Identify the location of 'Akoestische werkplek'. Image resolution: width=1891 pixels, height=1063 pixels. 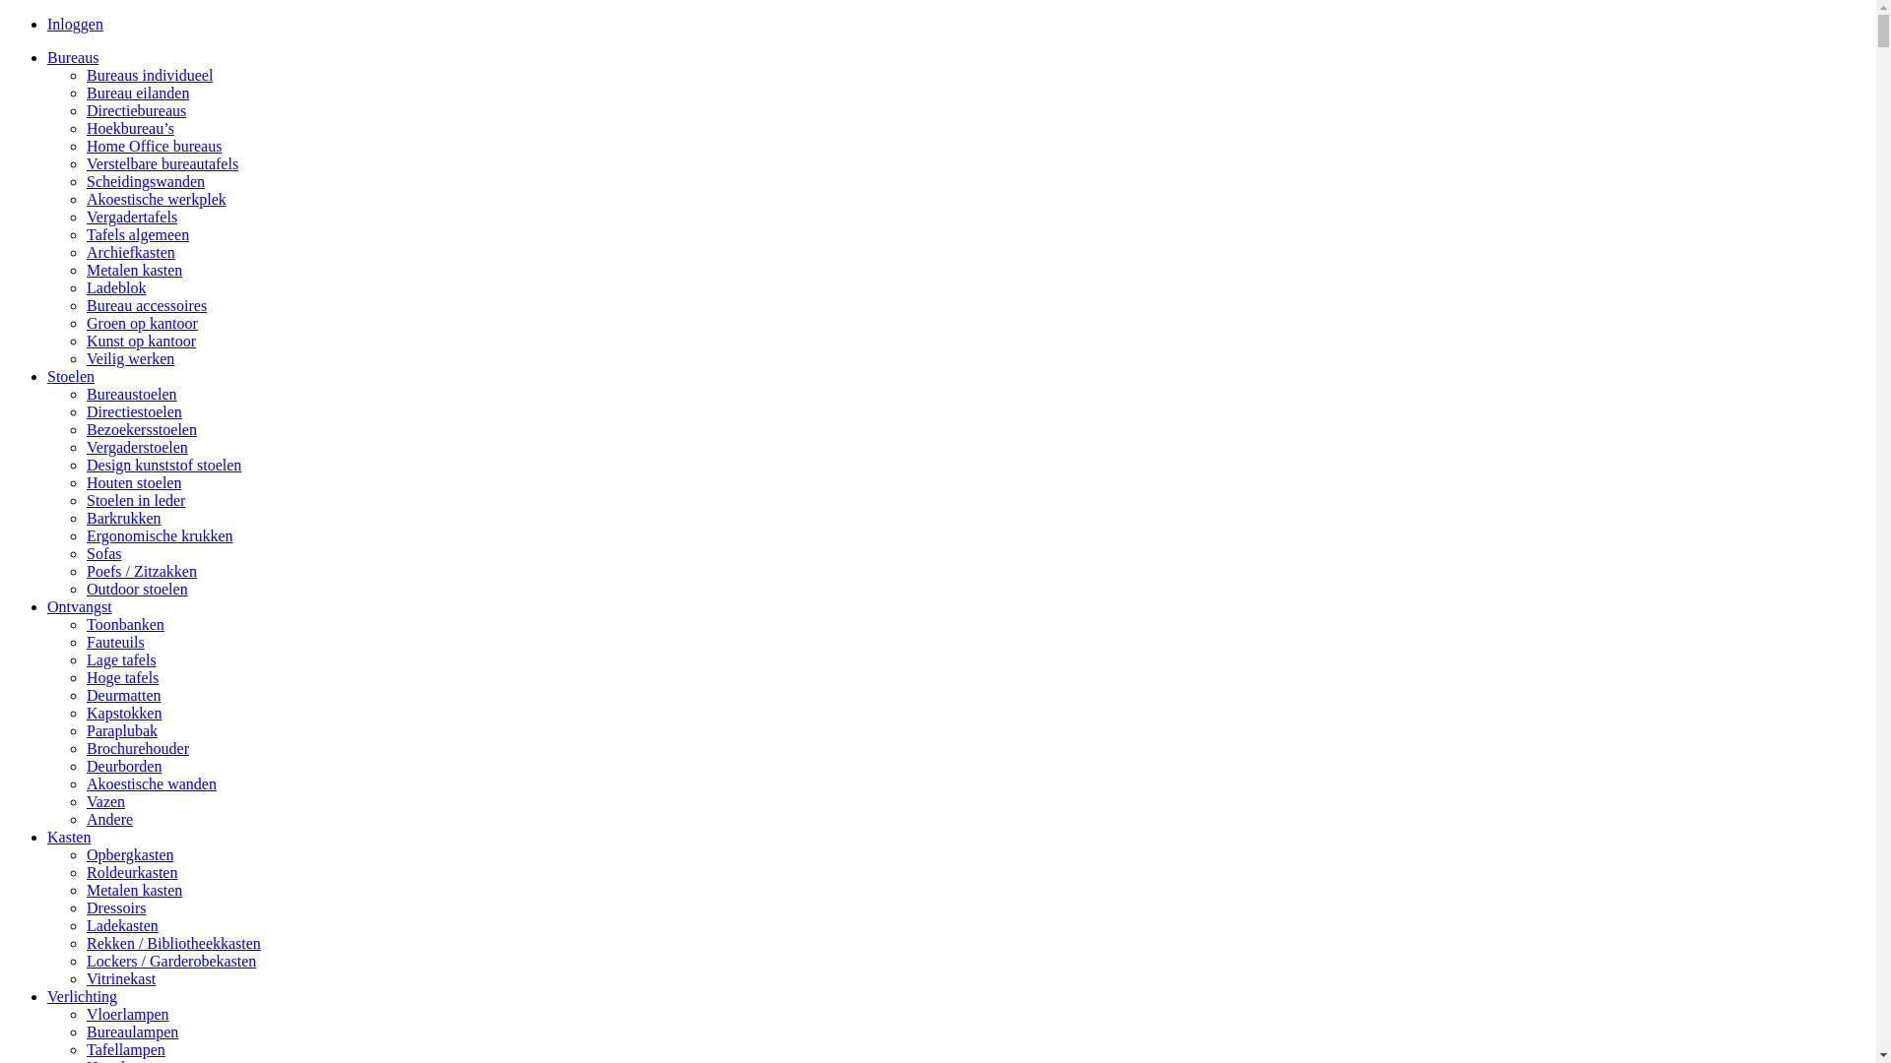
(155, 199).